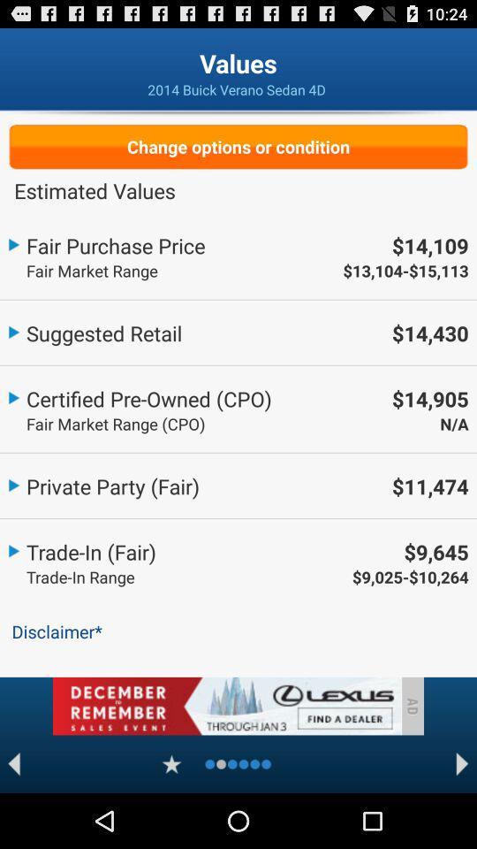 This screenshot has width=477, height=849. What do you see at coordinates (12, 548) in the screenshot?
I see `icon which is left of tradein fair` at bounding box center [12, 548].